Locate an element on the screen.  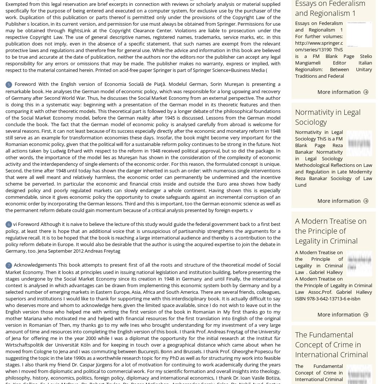
'vi Foreword Although it is naive to believe the lecture of this study would guide the federal government back to a first best policy, at least there is hope that an additional voice that is unsuspicious of partisanship strengthens the arguments for a regulative recall. It is to be hoped that the book is reaching a large international audience and thereby is a contribution to the policy reform debate in Europe. It would also be desirable that the author is using the acquired expertise to join the debate in Germany, too. Jena September 2012 Andreas Freytag' is located at coordinates (143, 237).